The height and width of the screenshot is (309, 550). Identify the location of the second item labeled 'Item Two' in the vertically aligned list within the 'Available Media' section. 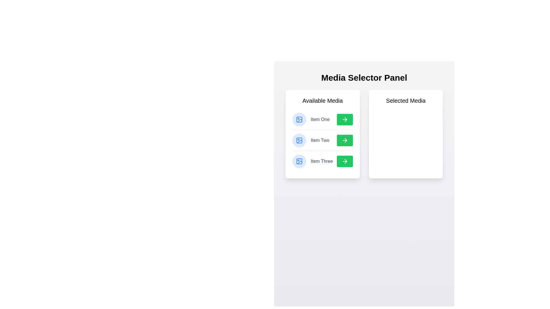
(323, 140).